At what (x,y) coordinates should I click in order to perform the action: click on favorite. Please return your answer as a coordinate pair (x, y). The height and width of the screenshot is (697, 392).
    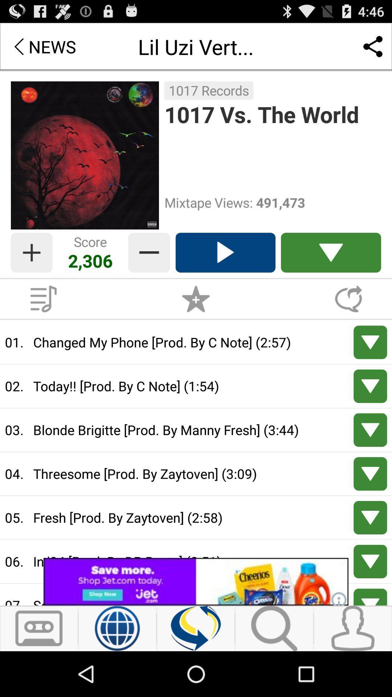
    Looking at the image, I should click on (196, 299).